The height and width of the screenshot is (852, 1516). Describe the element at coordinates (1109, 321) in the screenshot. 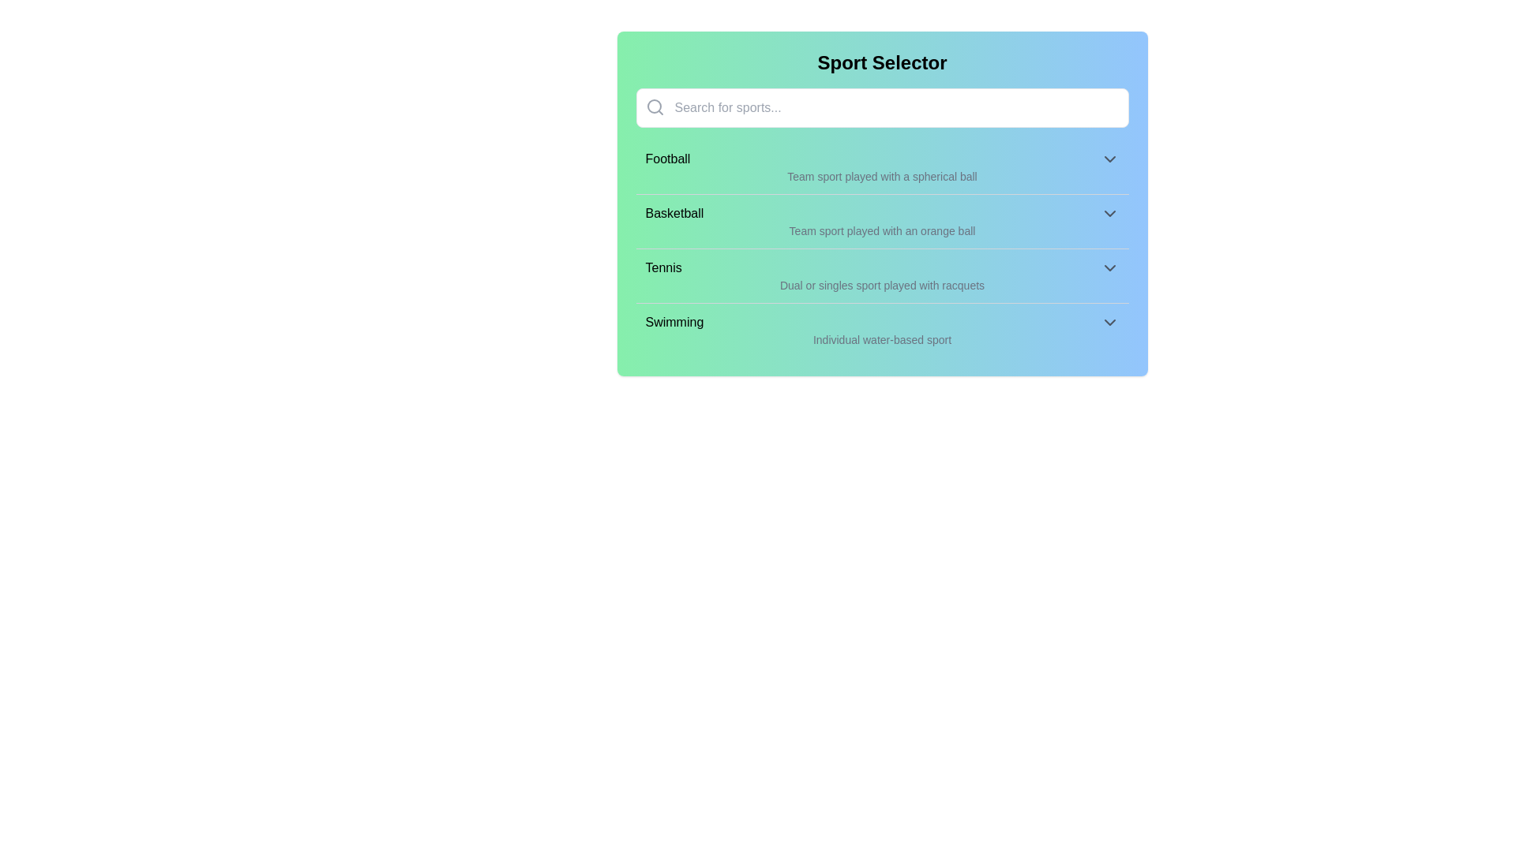

I see `the gray downward-pointing chevron icon located next to the 'Swimming' label in the sports list` at that location.